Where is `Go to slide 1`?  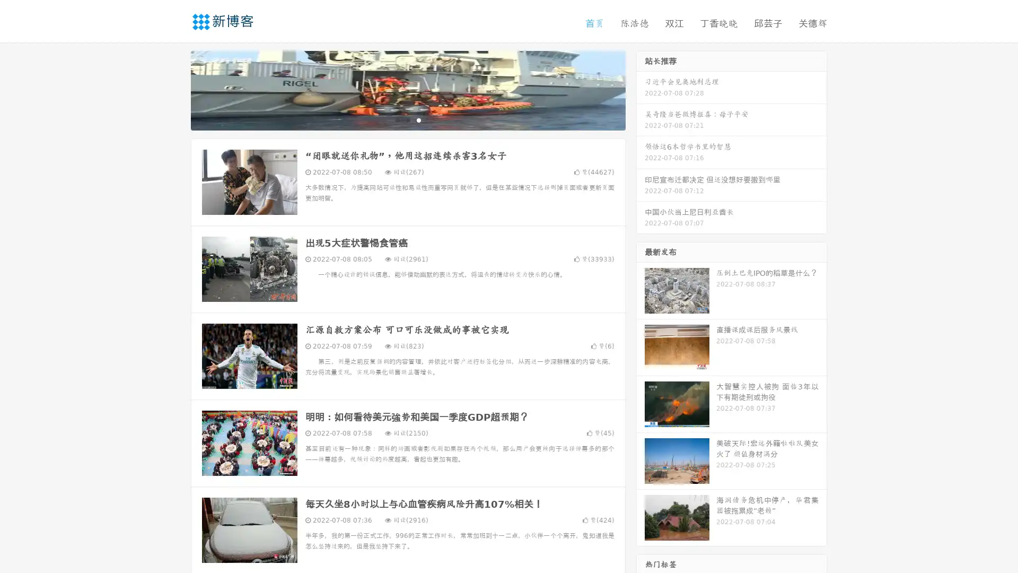
Go to slide 1 is located at coordinates (397, 119).